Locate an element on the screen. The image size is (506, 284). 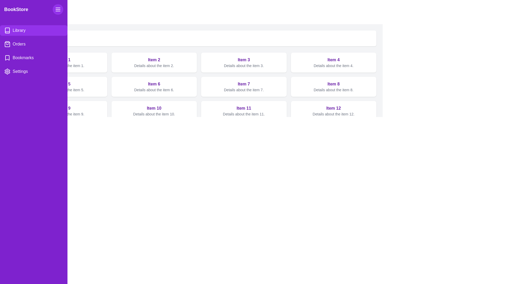
the bookmark icon in the left navigation panel, which is a minimalist SVG graphic located next to the 'Bookmarks' text label is located at coordinates (7, 58).